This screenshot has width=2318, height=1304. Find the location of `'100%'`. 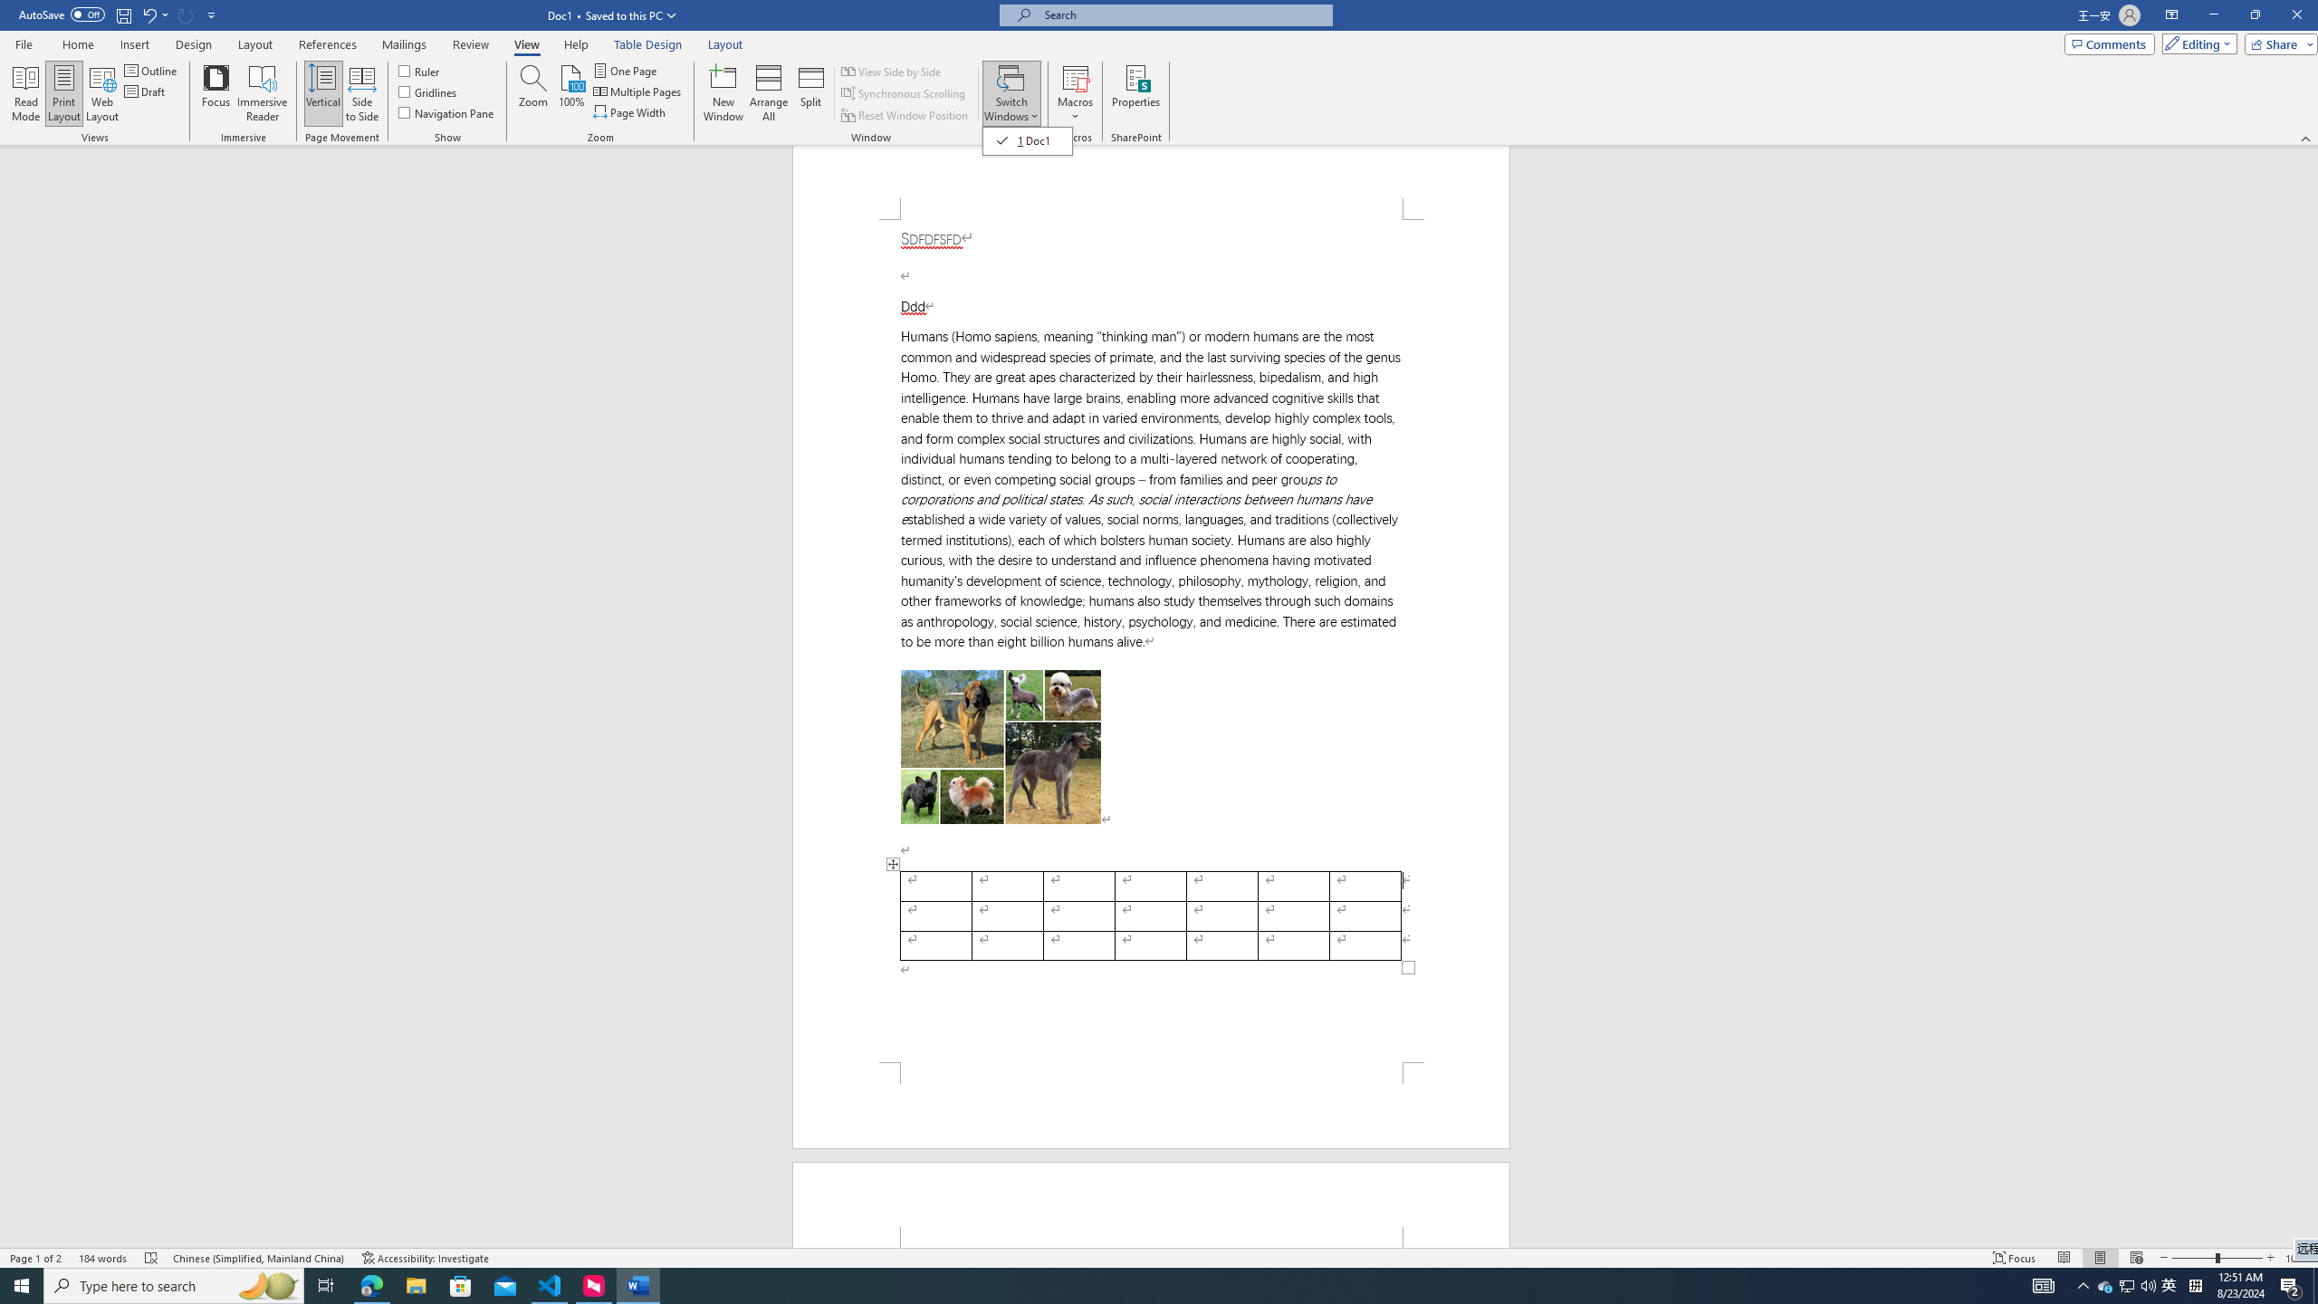

'100%' is located at coordinates (571, 93).